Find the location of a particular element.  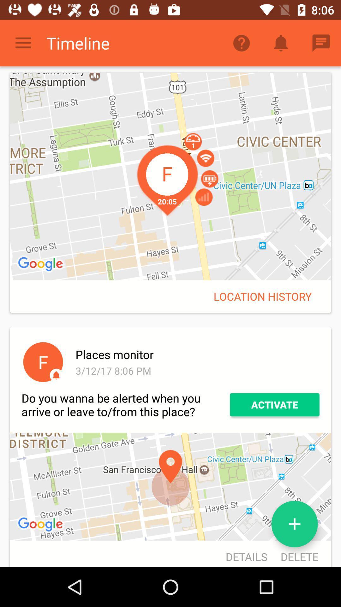

the icon above 3 12 17 item is located at coordinates (196, 354).